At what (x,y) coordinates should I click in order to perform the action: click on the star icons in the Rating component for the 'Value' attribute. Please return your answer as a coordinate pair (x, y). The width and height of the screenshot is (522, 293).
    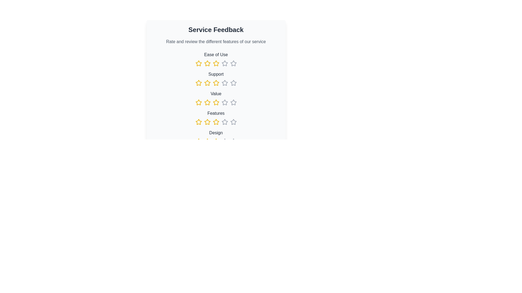
    Looking at the image, I should click on (216, 98).